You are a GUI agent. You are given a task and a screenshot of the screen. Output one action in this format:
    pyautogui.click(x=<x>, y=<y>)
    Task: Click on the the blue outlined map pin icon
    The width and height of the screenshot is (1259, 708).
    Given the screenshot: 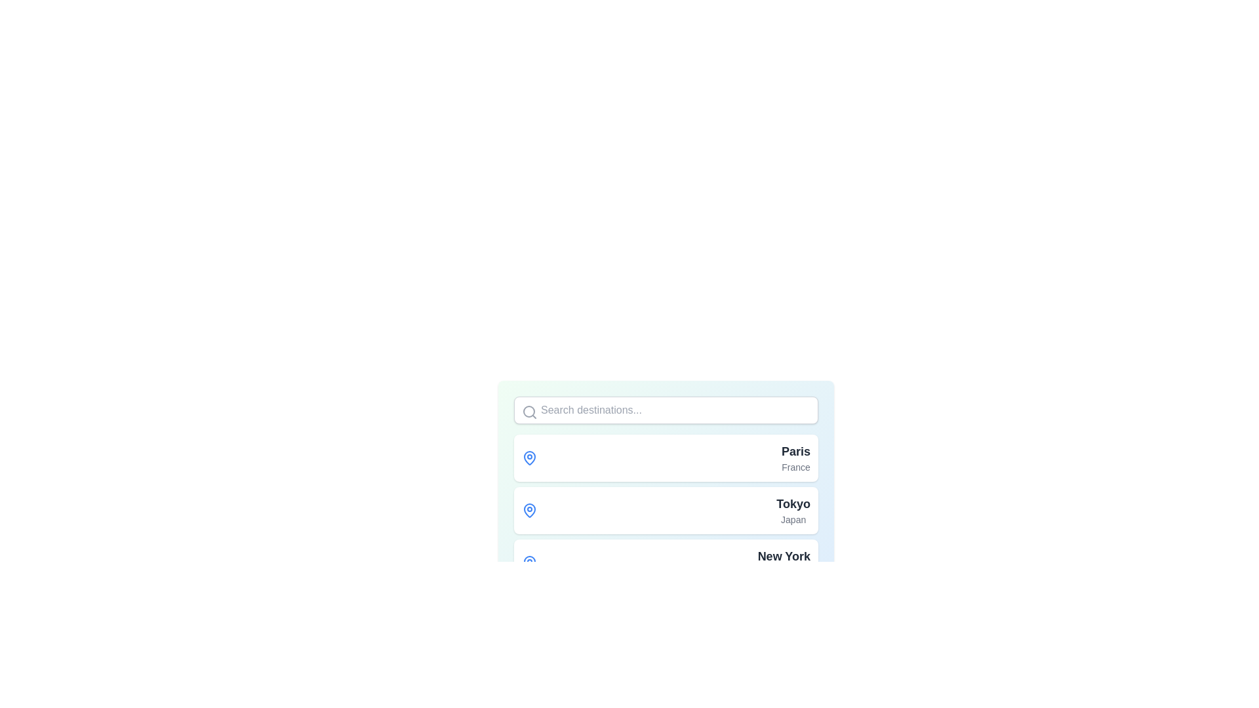 What is the action you would take?
    pyautogui.click(x=529, y=509)
    